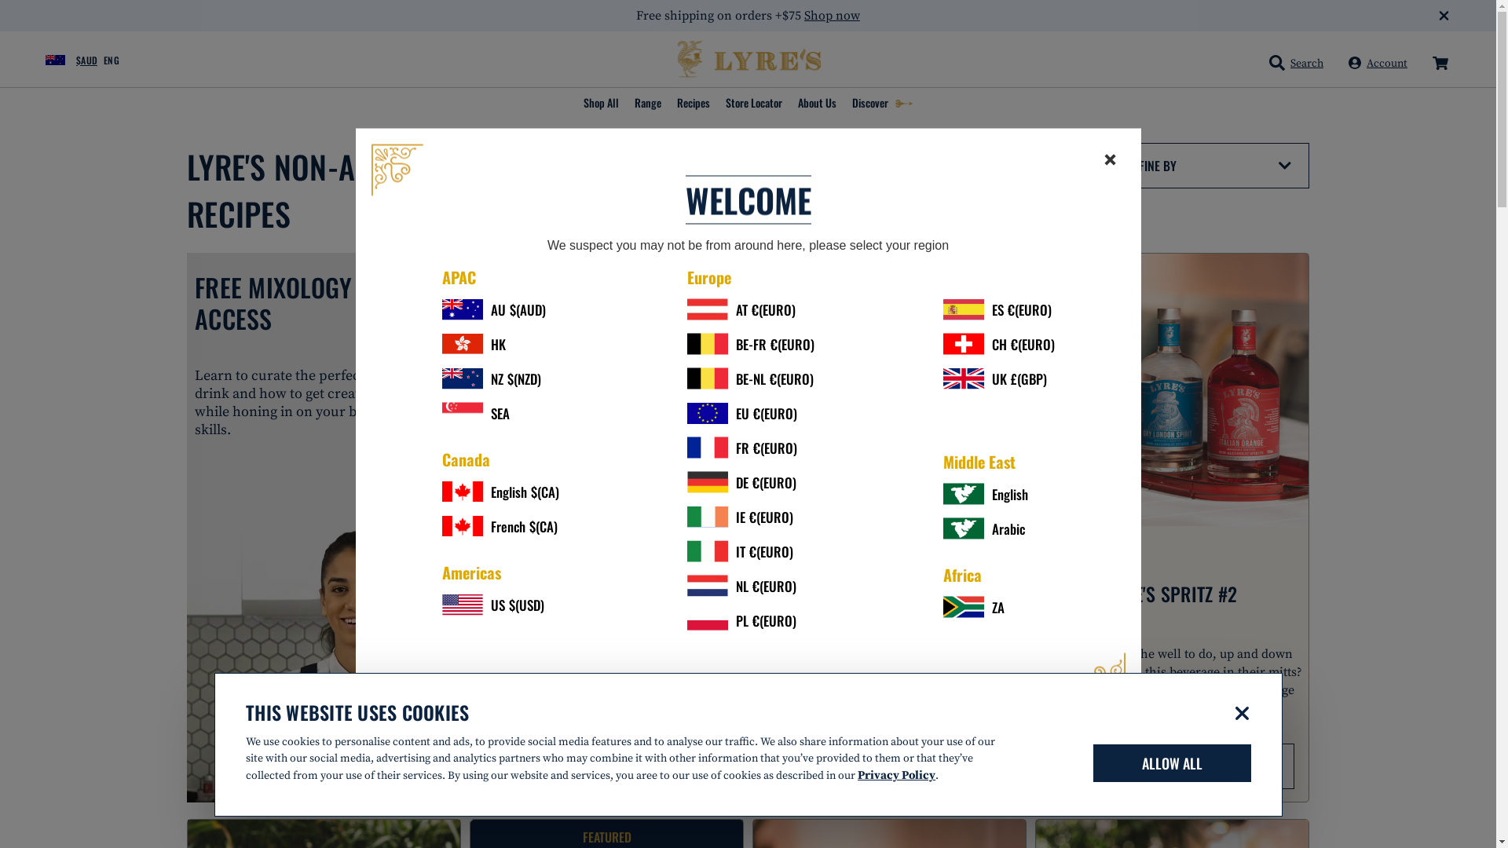 This screenshot has width=1508, height=848. Describe the element at coordinates (599, 103) in the screenshot. I see `'Shop All'` at that location.